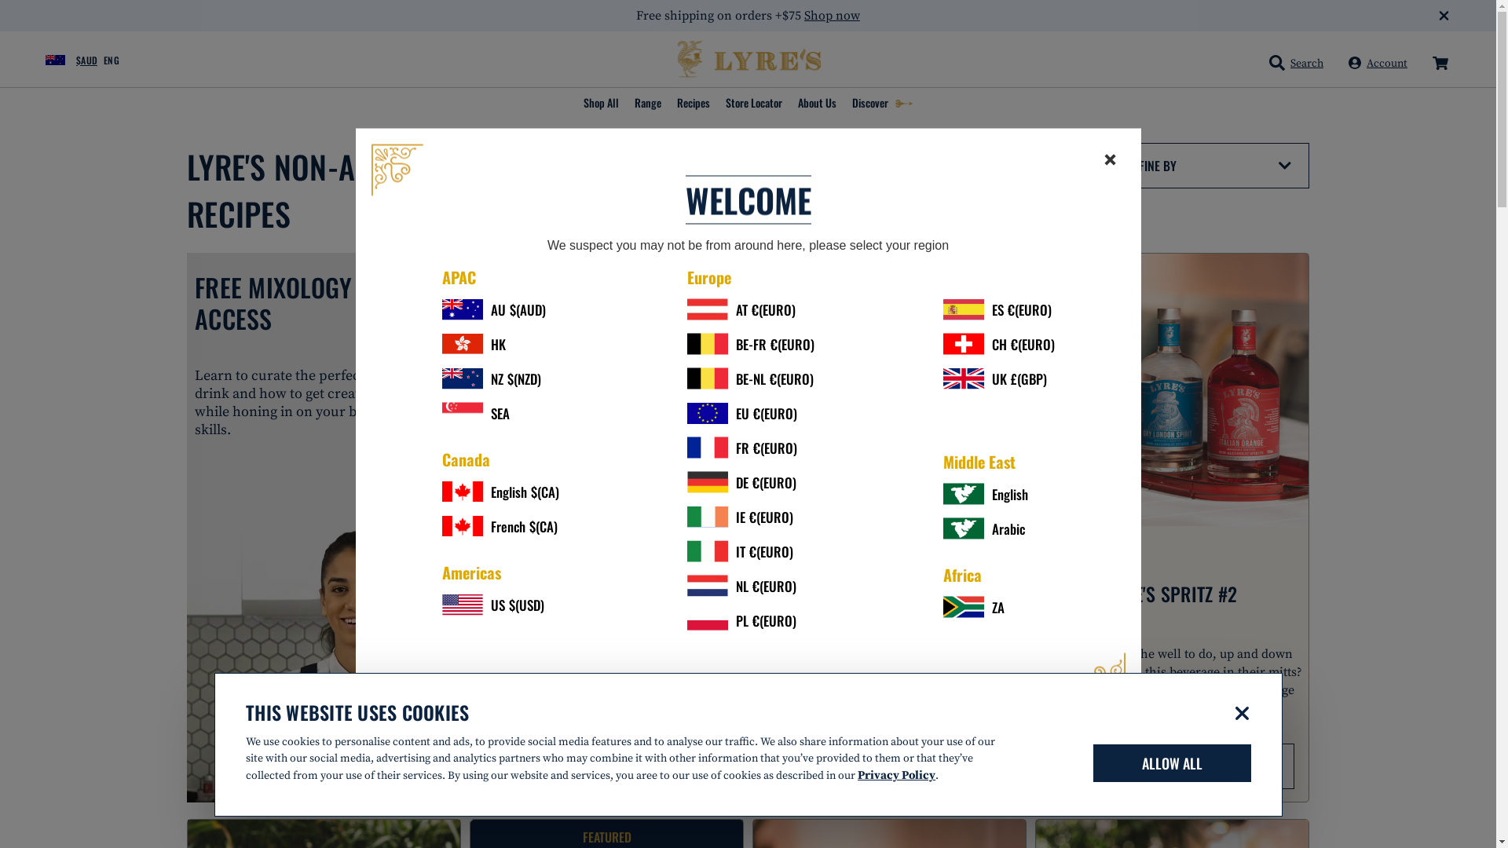 This screenshot has width=1508, height=848. Describe the element at coordinates (599, 103) in the screenshot. I see `'Shop All'` at that location.